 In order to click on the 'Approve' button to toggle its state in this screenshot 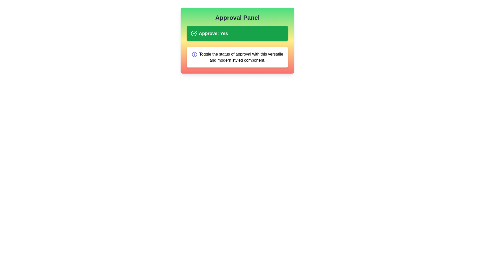, I will do `click(237, 33)`.